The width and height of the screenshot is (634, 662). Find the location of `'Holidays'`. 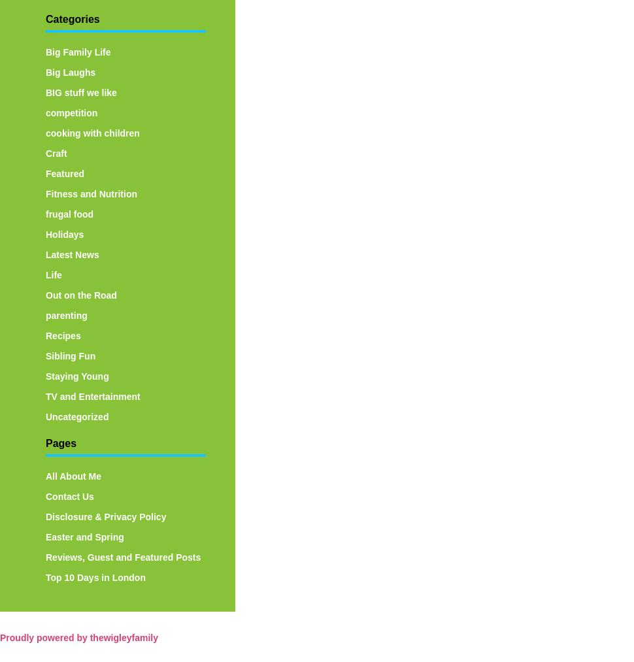

'Holidays' is located at coordinates (65, 233).